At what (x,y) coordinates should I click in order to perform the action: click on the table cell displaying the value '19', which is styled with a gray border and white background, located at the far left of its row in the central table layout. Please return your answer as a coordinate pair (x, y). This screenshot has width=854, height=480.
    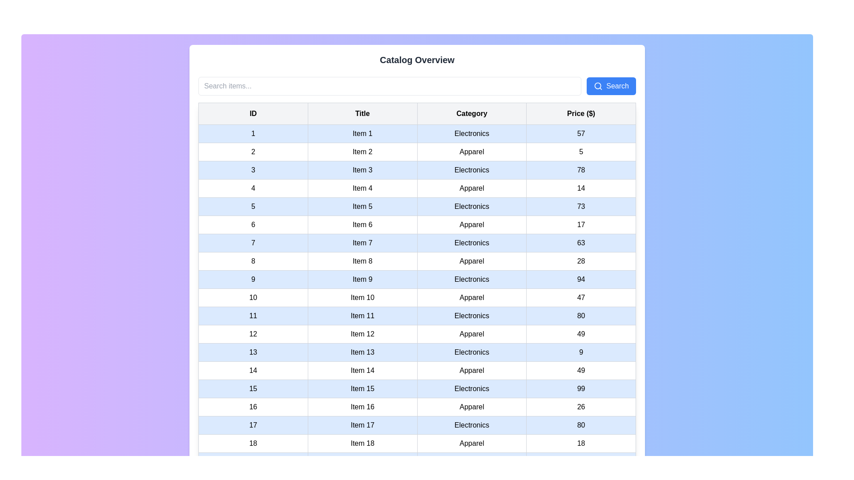
    Looking at the image, I should click on (253, 461).